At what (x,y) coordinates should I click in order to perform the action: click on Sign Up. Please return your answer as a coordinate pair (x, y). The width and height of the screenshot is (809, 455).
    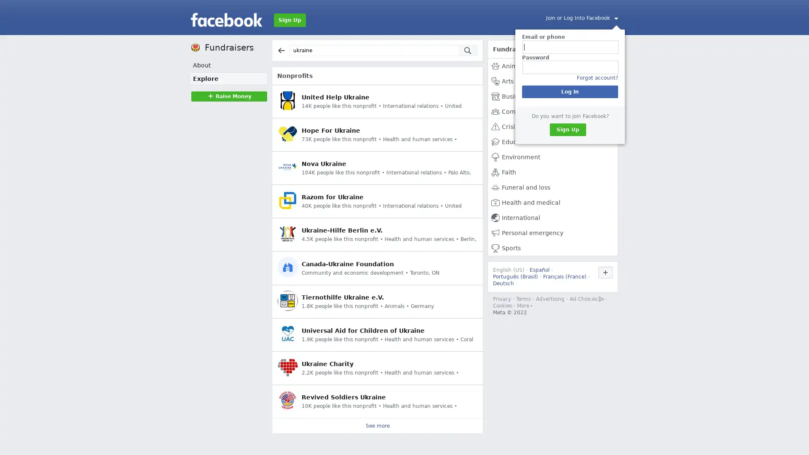
    Looking at the image, I should click on (568, 130).